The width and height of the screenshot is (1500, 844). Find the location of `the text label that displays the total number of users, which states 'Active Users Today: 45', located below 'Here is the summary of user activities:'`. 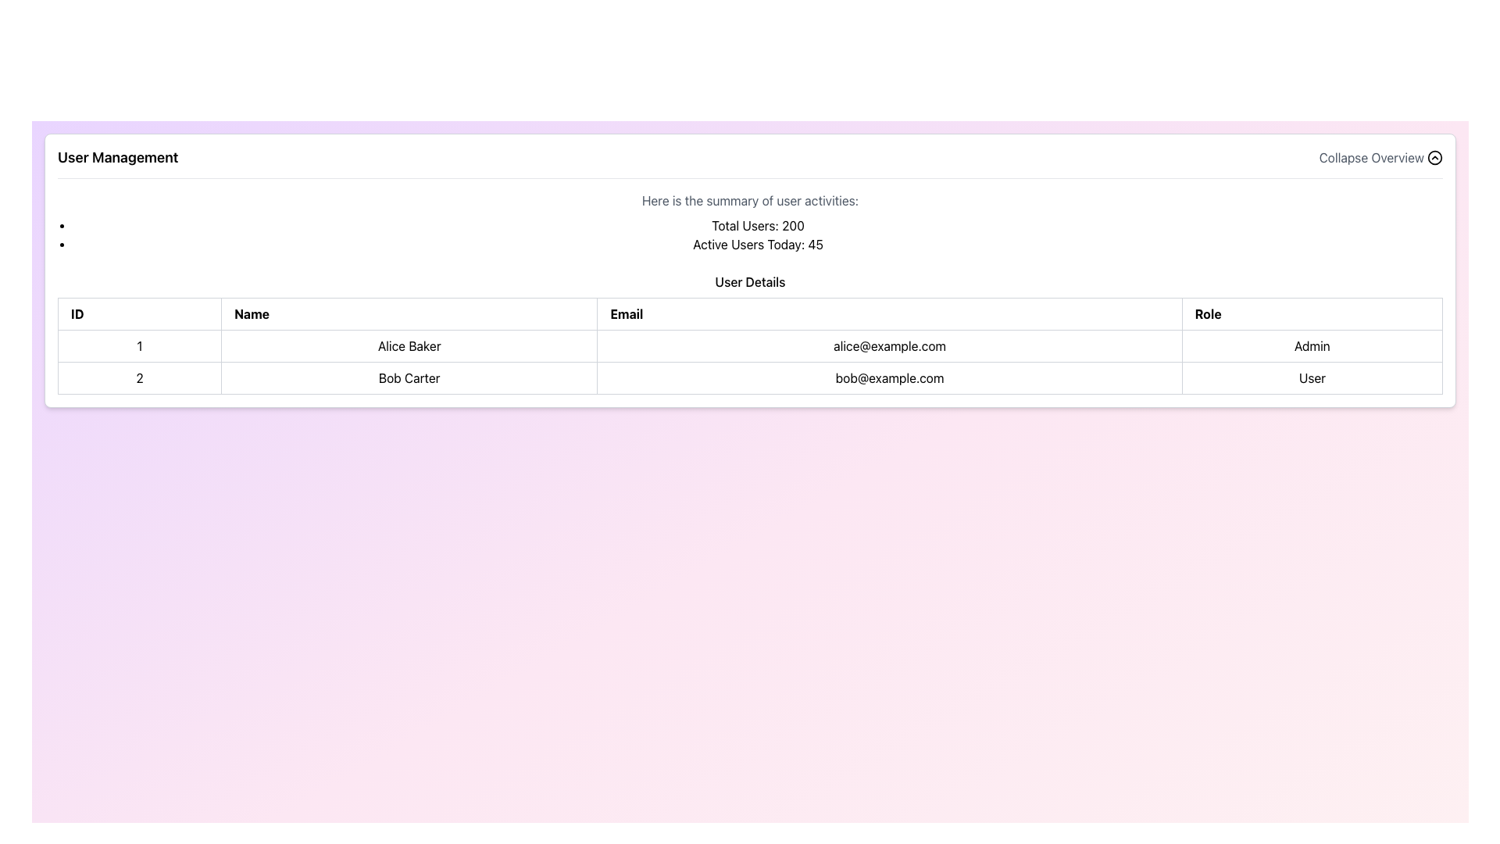

the text label that displays the total number of users, which states 'Active Users Today: 45', located below 'Here is the summary of user activities:' is located at coordinates (758, 226).